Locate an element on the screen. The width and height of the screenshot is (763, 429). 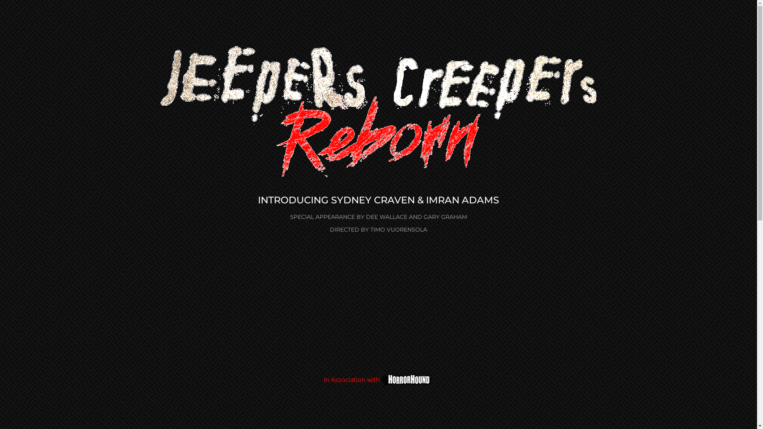
'In Association with' is located at coordinates (378, 380).